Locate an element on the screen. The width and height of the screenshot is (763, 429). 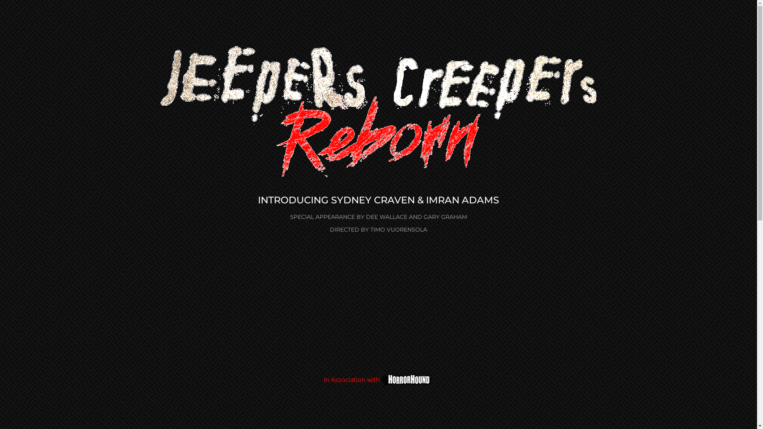
'In Association with' is located at coordinates (378, 380).